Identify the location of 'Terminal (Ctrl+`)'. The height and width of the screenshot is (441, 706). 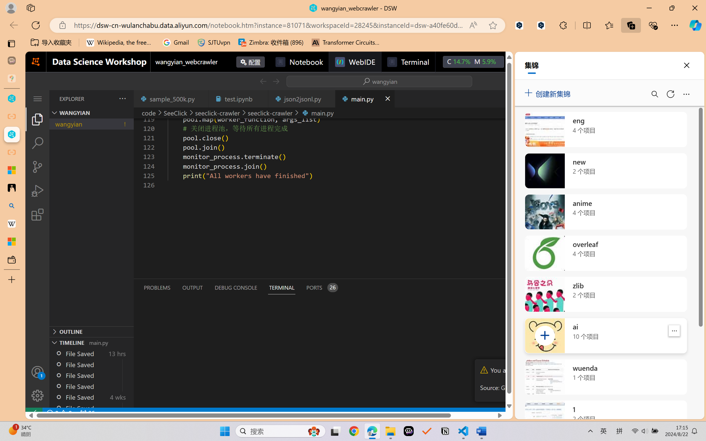
(281, 288).